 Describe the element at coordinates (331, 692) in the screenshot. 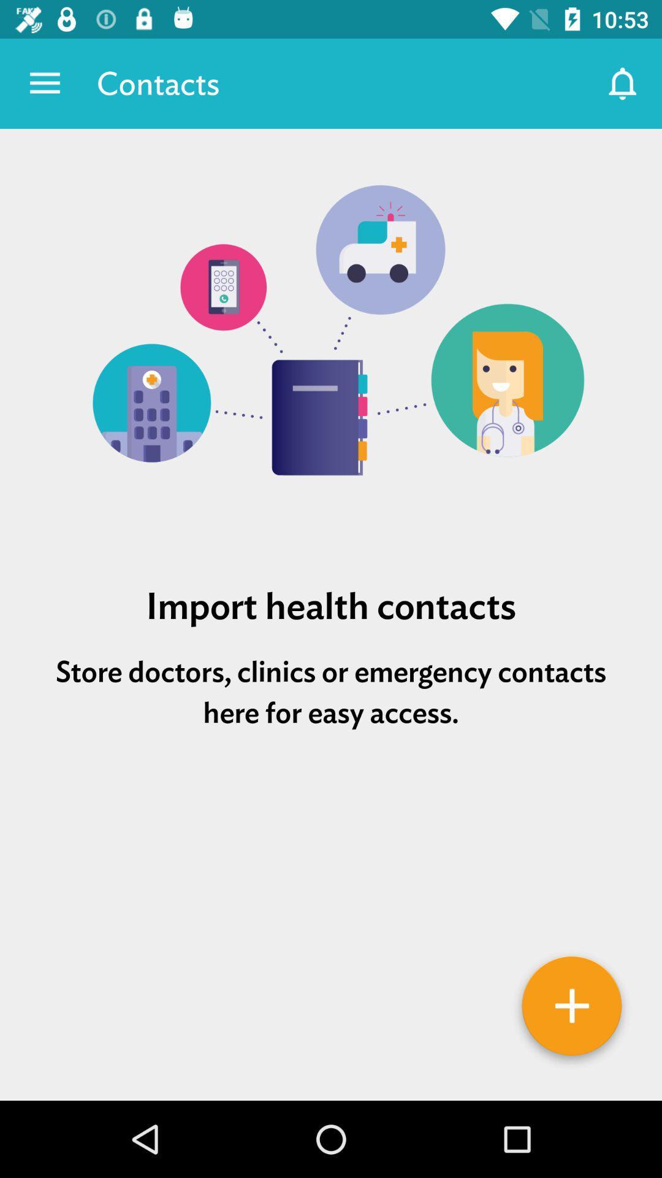

I see `the store doctors clinics icon` at that location.